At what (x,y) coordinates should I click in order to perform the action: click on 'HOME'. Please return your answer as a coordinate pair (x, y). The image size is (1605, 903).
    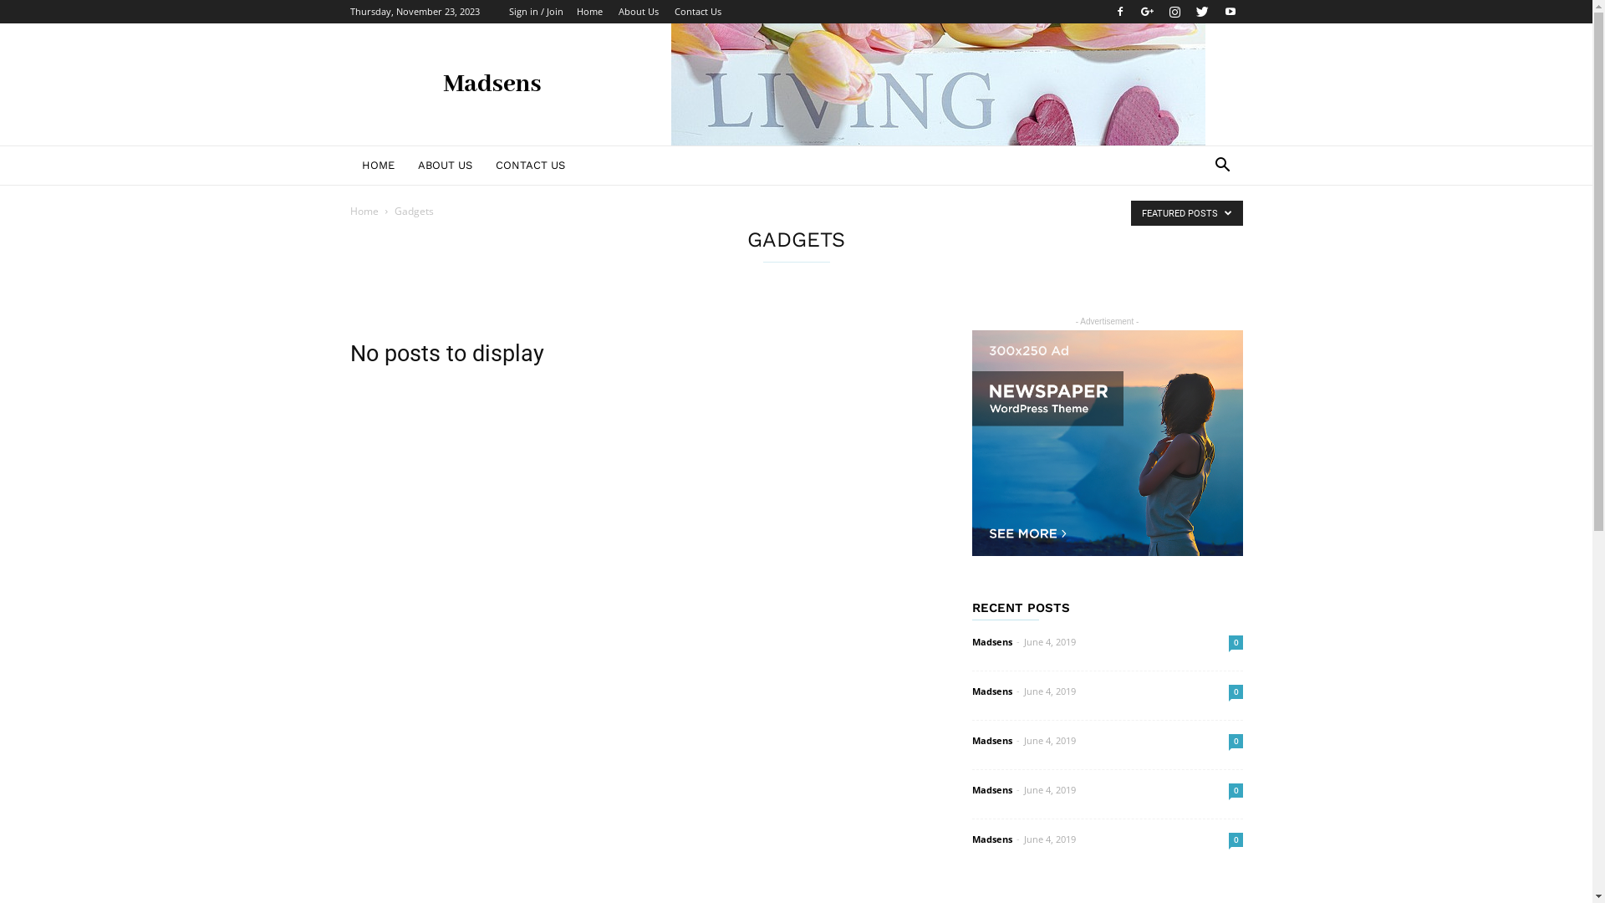
    Looking at the image, I should click on (376, 165).